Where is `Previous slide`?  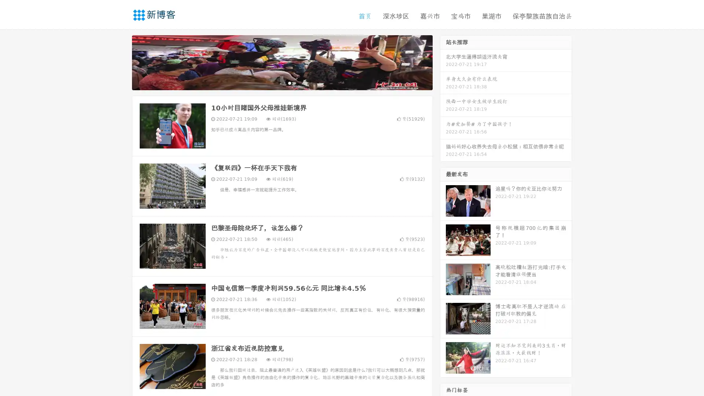 Previous slide is located at coordinates (121, 62).